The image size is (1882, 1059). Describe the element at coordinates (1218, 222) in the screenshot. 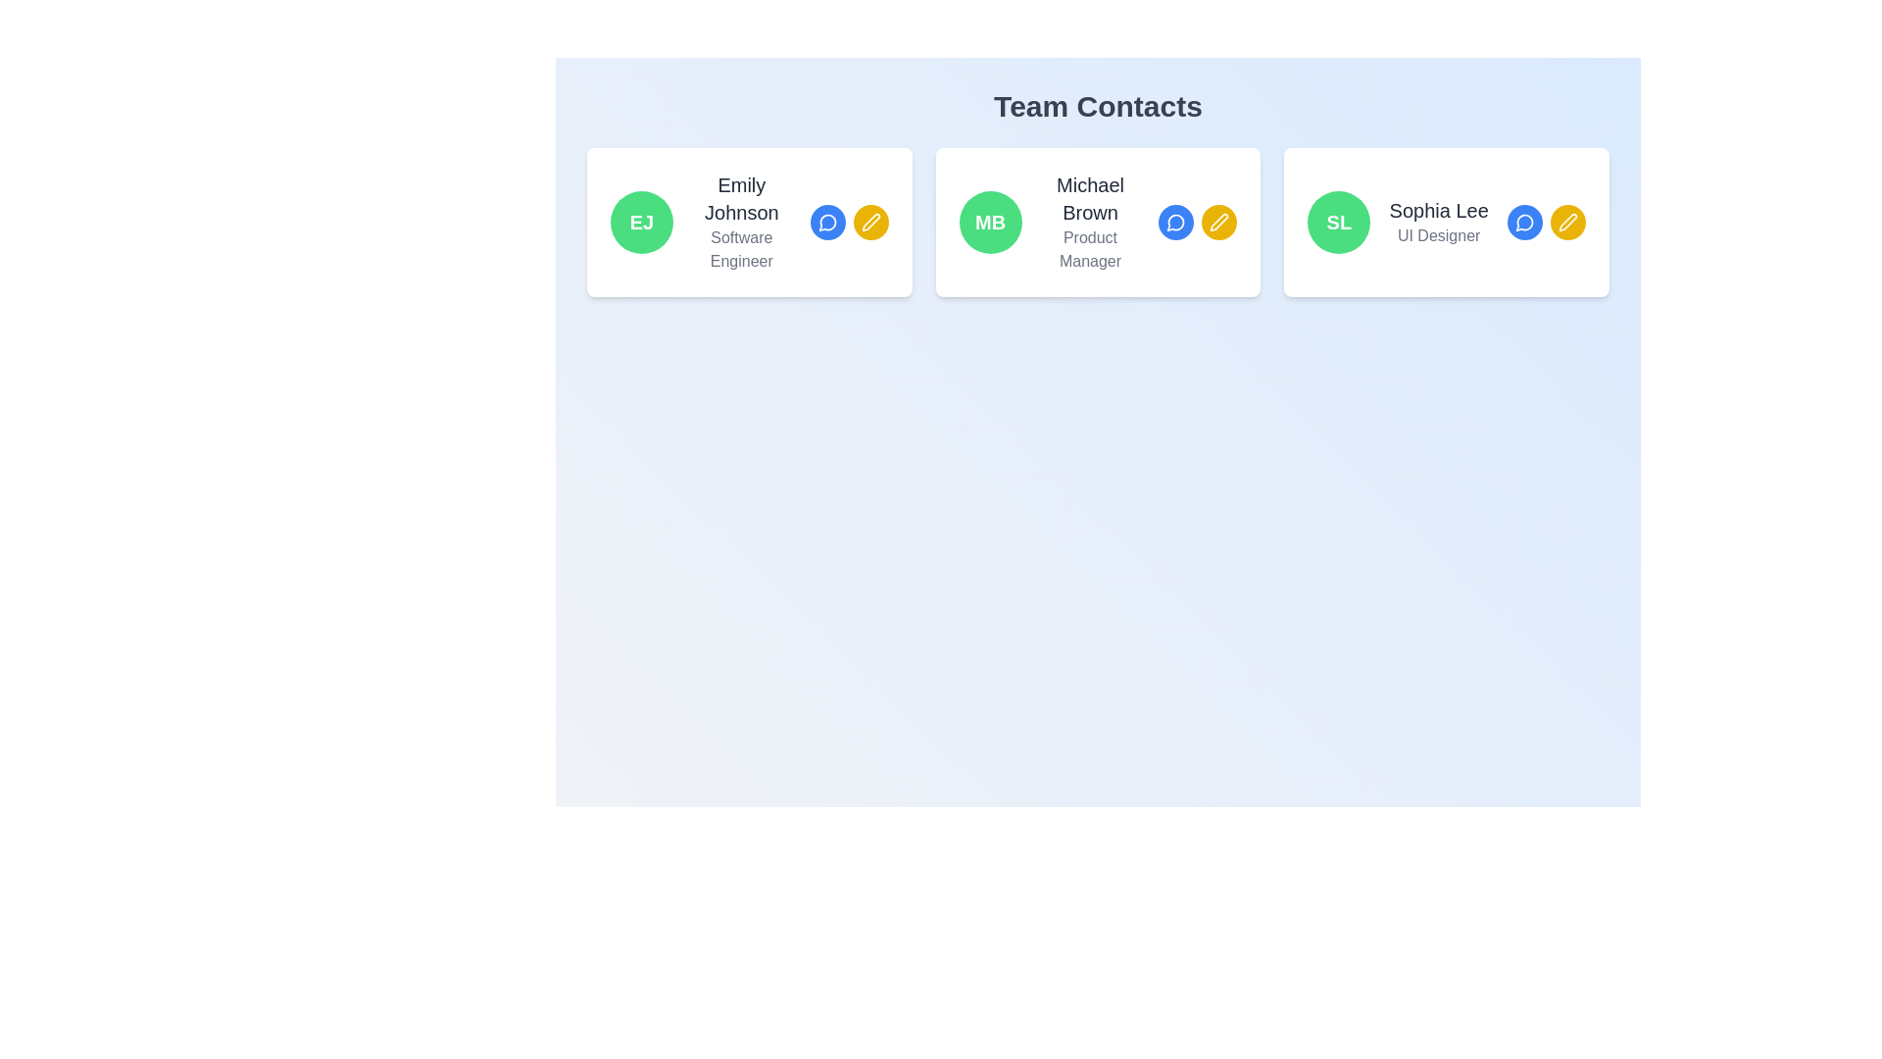

I see `the pencil icon within the yellow button to initiate editing for the contact card of Michael Brown` at that location.